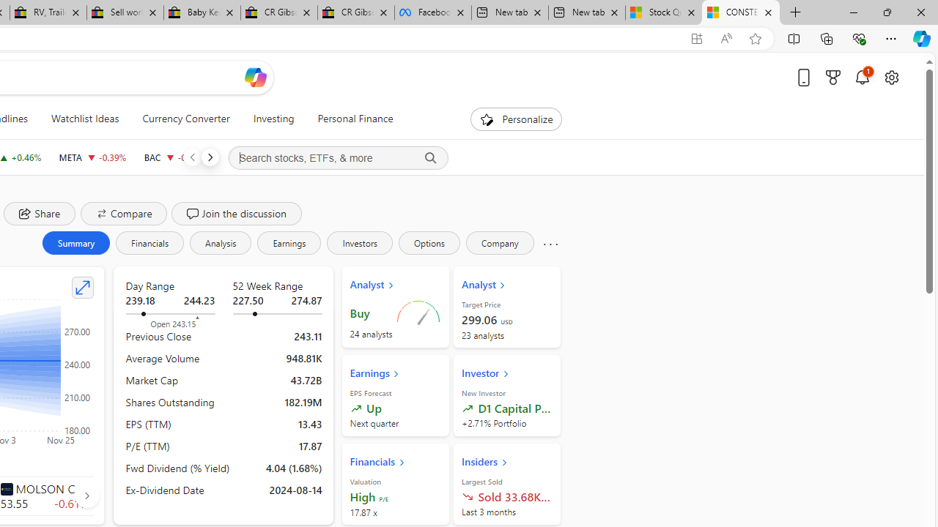  What do you see at coordinates (349, 119) in the screenshot?
I see `'Personal Finance'` at bounding box center [349, 119].